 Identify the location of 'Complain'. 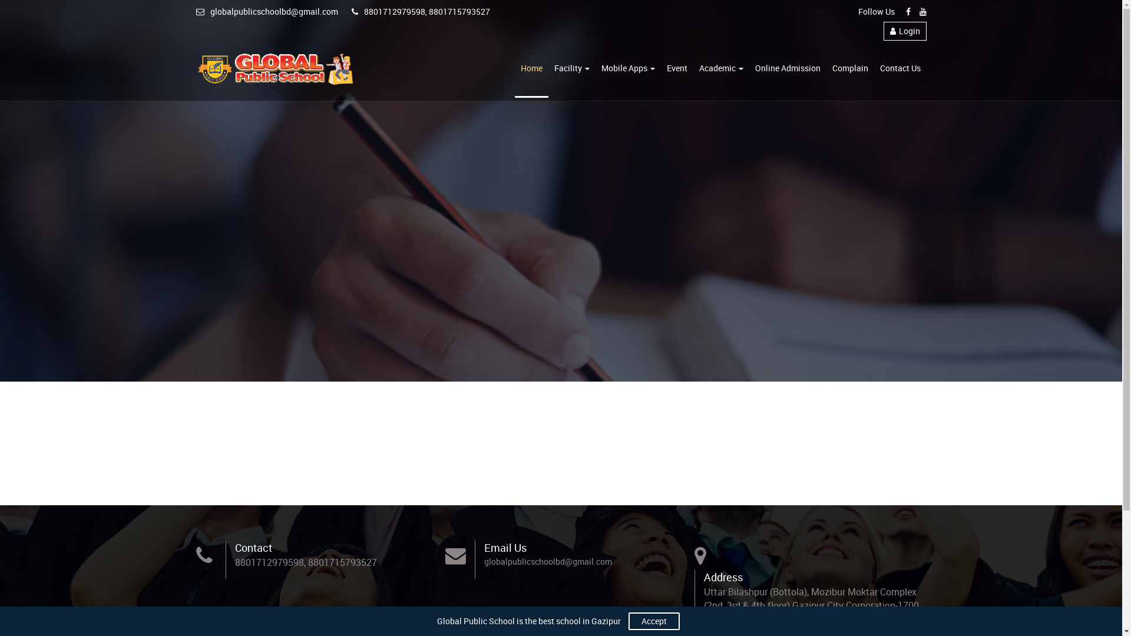
(825, 69).